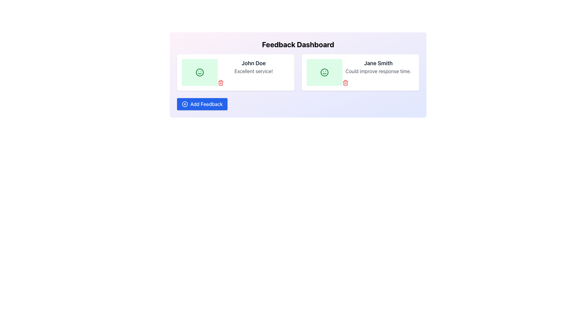 The image size is (584, 329). Describe the element at coordinates (298, 44) in the screenshot. I see `the bold and larger 'Feedback Dashboard' static text displayed at the top center of the feedback section, which has a gradient background from pink to indigo` at that location.